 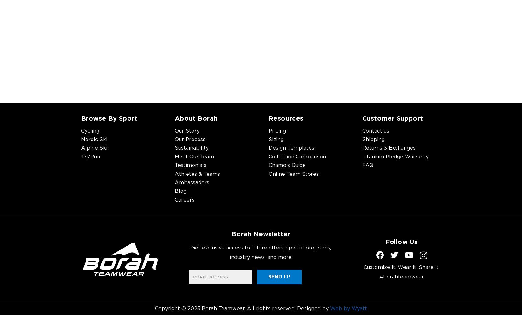 What do you see at coordinates (192, 148) in the screenshot?
I see `'Sustainability'` at bounding box center [192, 148].